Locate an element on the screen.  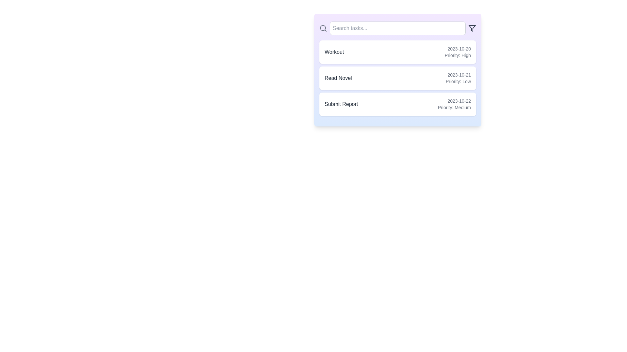
the task item Read Novel to observe its hover effects is located at coordinates (397, 78).